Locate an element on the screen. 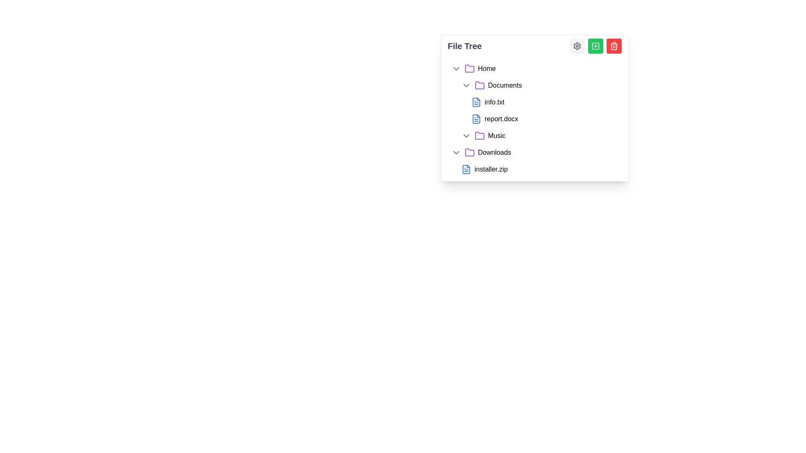  the dropdown arrow next to the 'Home' folder in the file tree is located at coordinates (534, 68).